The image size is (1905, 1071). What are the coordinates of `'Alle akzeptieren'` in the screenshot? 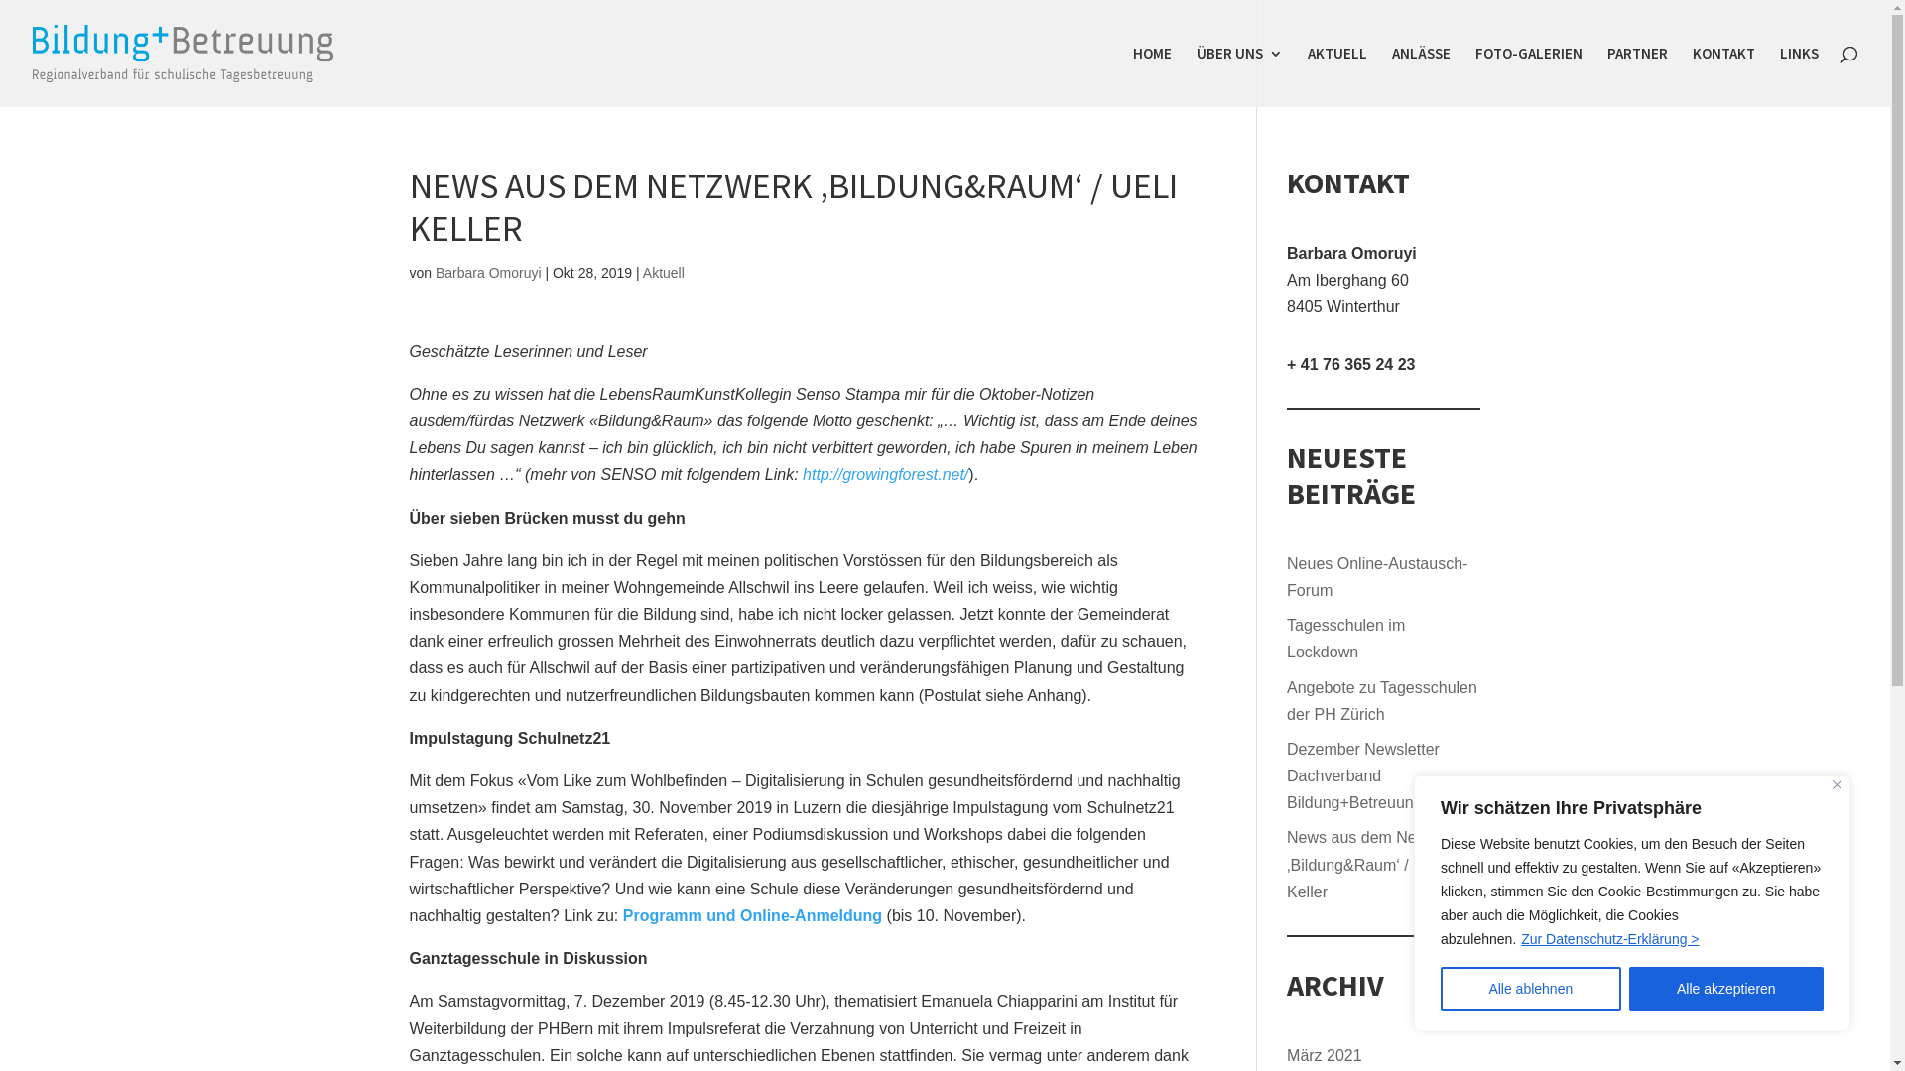 It's located at (1724, 988).